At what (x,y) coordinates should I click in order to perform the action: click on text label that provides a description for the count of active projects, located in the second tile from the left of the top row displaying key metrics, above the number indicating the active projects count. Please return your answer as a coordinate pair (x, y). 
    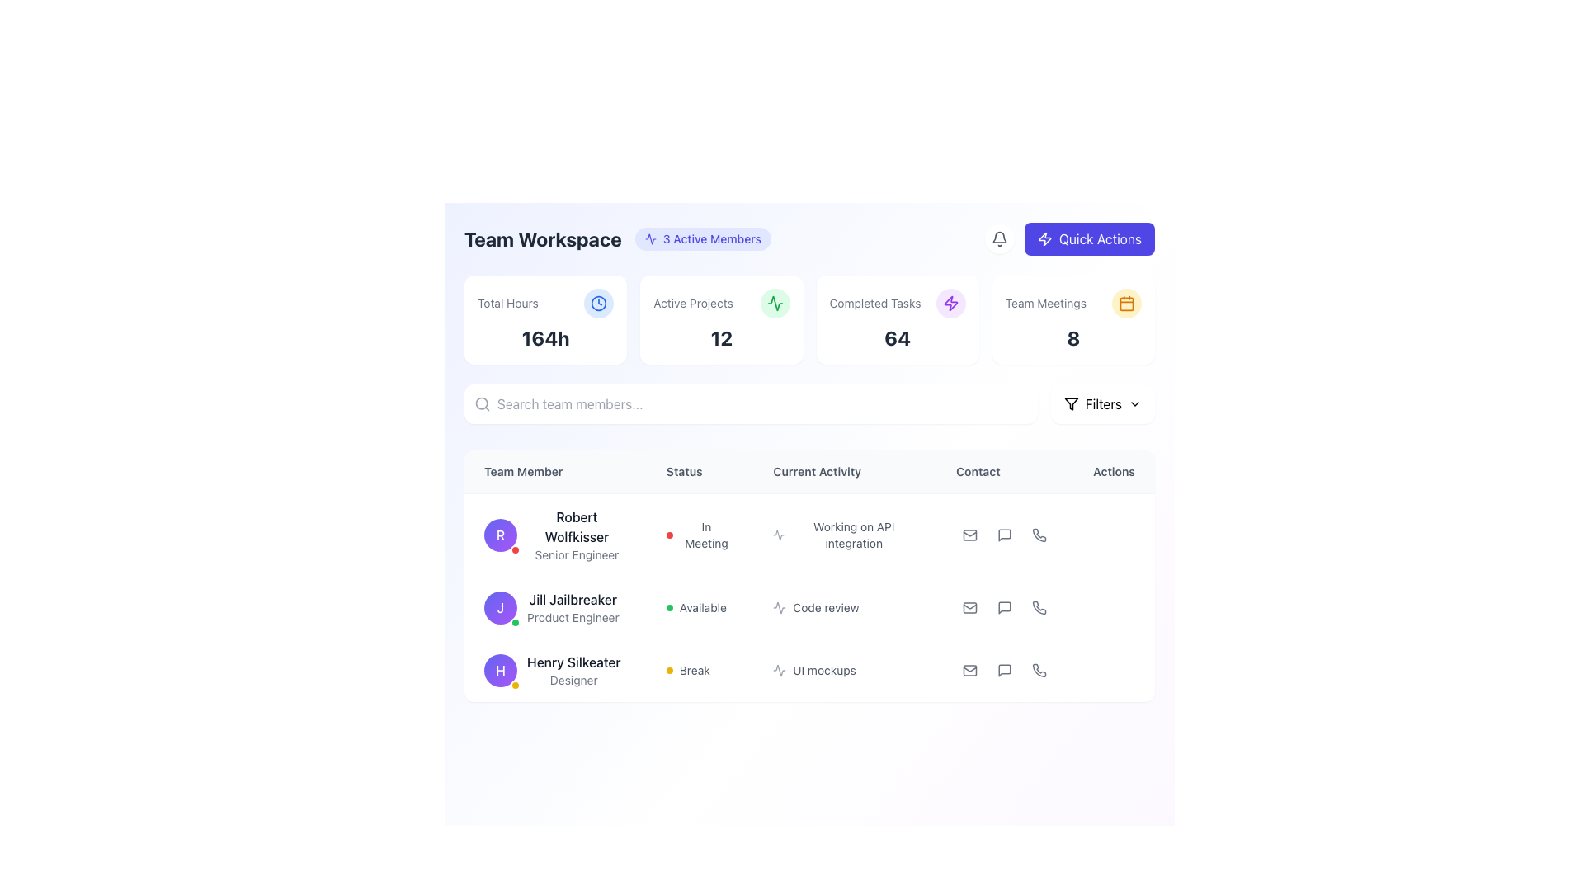
    Looking at the image, I should click on (693, 303).